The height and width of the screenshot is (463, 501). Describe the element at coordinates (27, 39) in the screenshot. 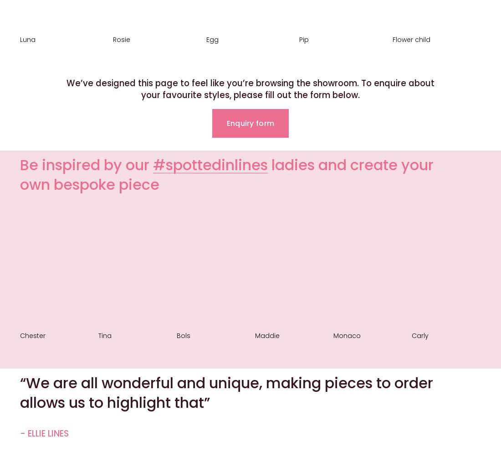

I see `'Luna'` at that location.